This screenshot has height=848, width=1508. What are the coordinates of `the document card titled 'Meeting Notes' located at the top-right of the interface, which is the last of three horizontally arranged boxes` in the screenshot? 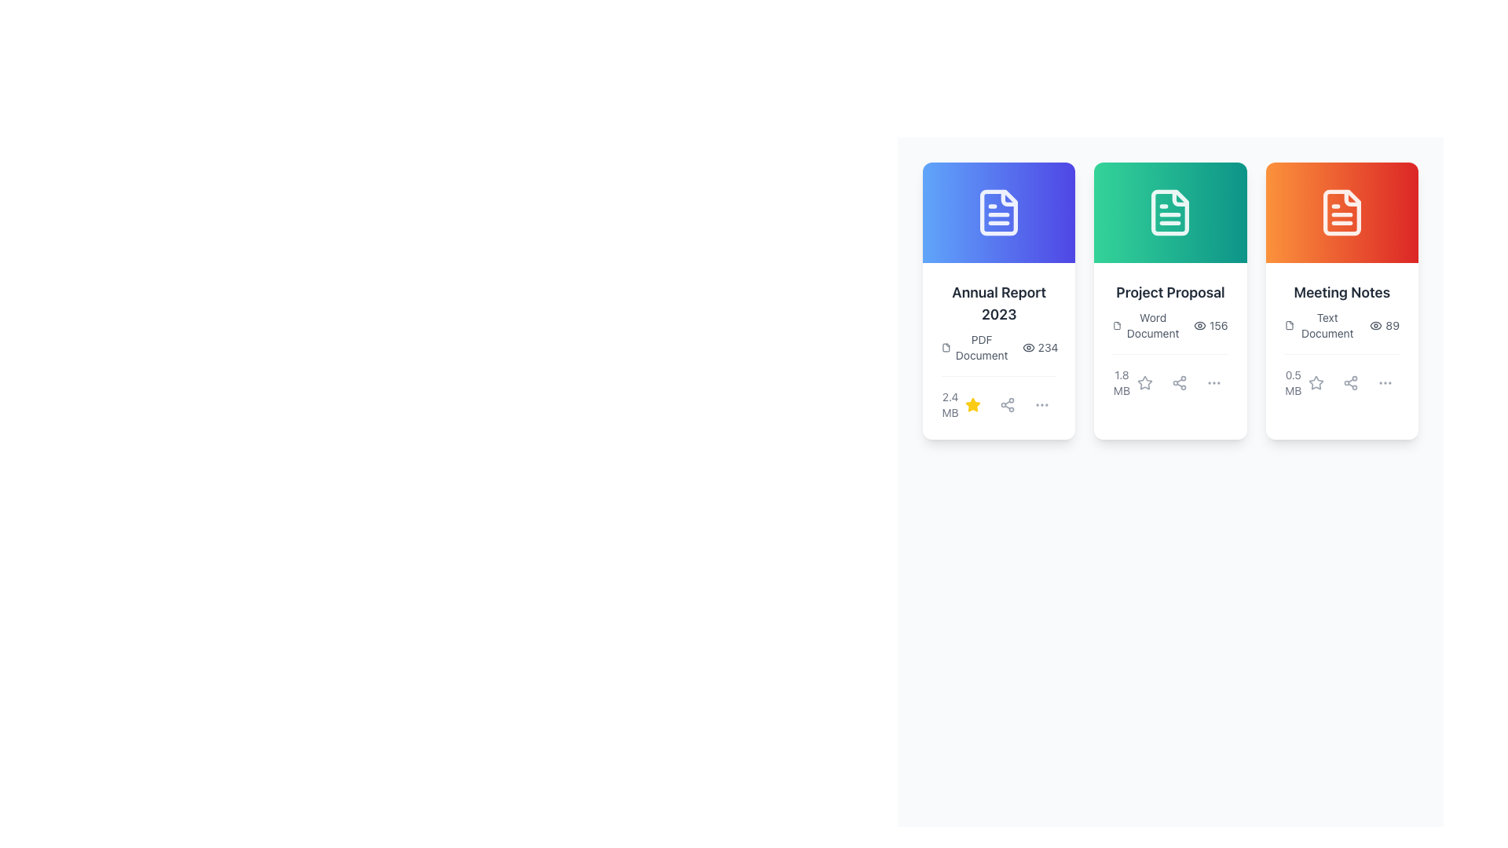 It's located at (1341, 339).